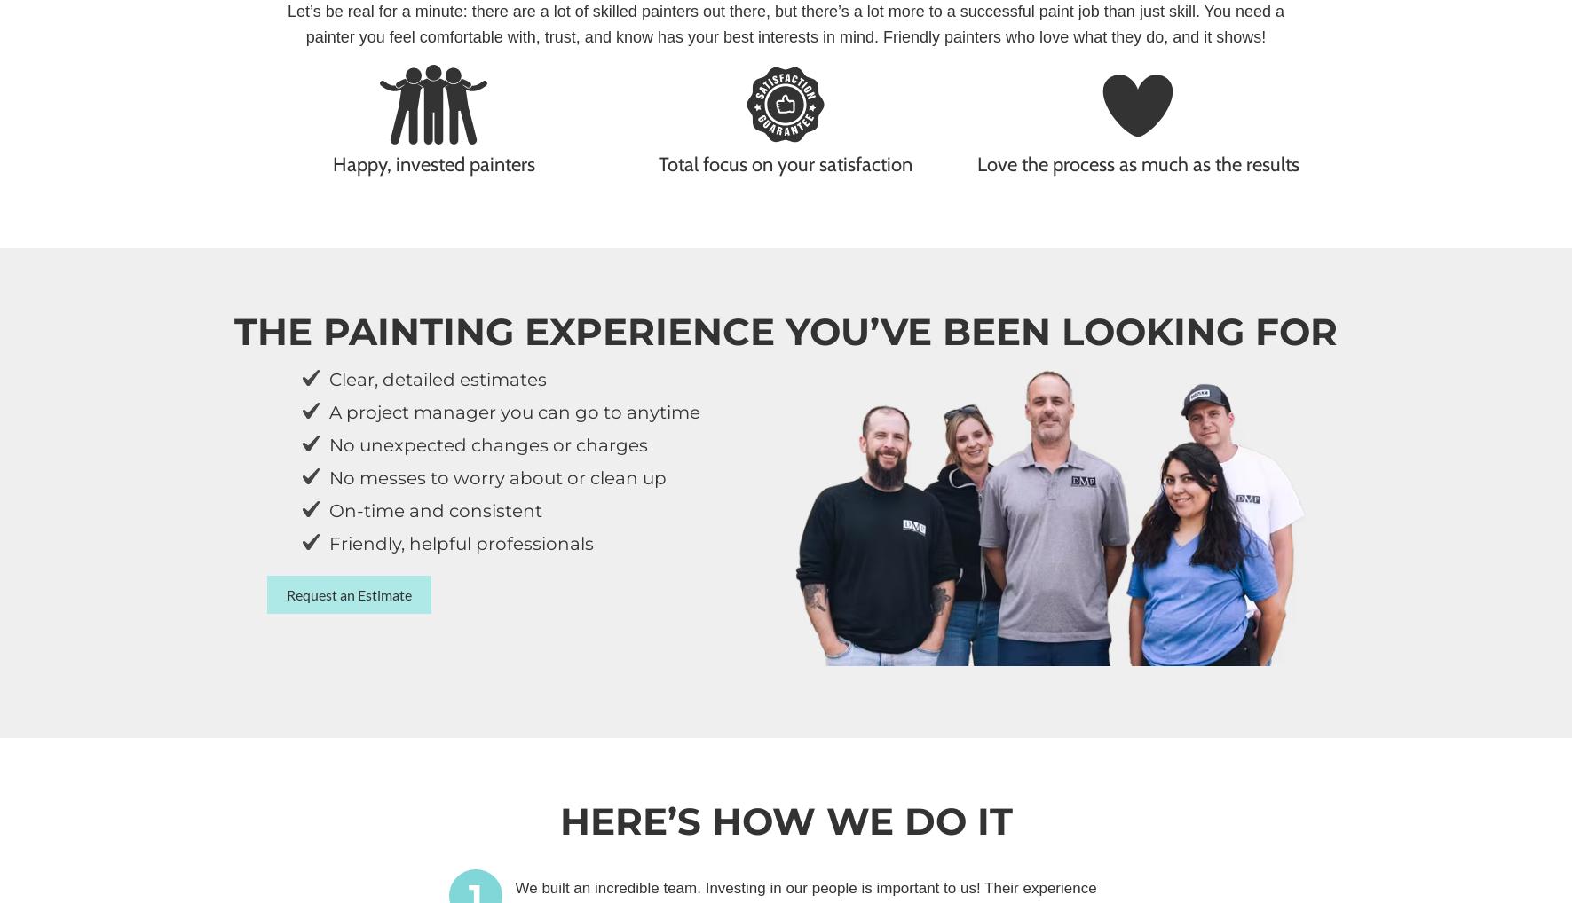 Image resolution: width=1572 pixels, height=903 pixels. Describe the element at coordinates (785, 332) in the screenshot. I see `'The painting experience you’ve been looking for'` at that location.